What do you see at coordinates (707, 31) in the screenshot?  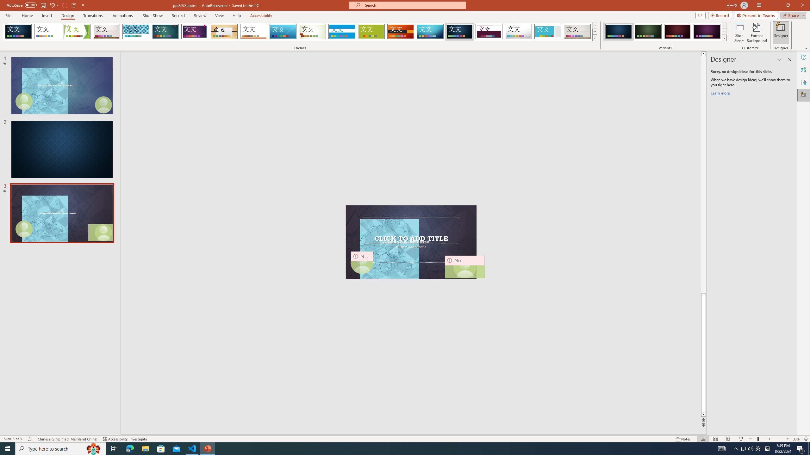 I see `'Damask Variant 4'` at bounding box center [707, 31].